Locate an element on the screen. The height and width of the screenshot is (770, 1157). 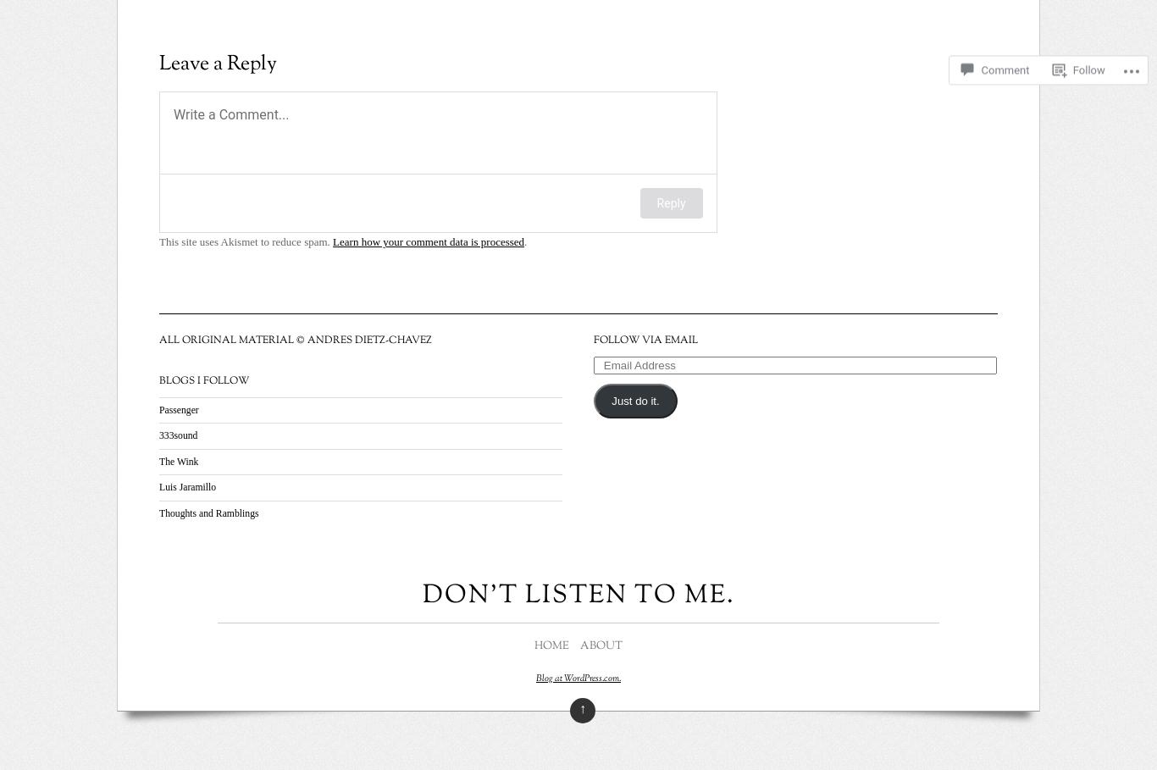
'About' is located at coordinates (600, 646).